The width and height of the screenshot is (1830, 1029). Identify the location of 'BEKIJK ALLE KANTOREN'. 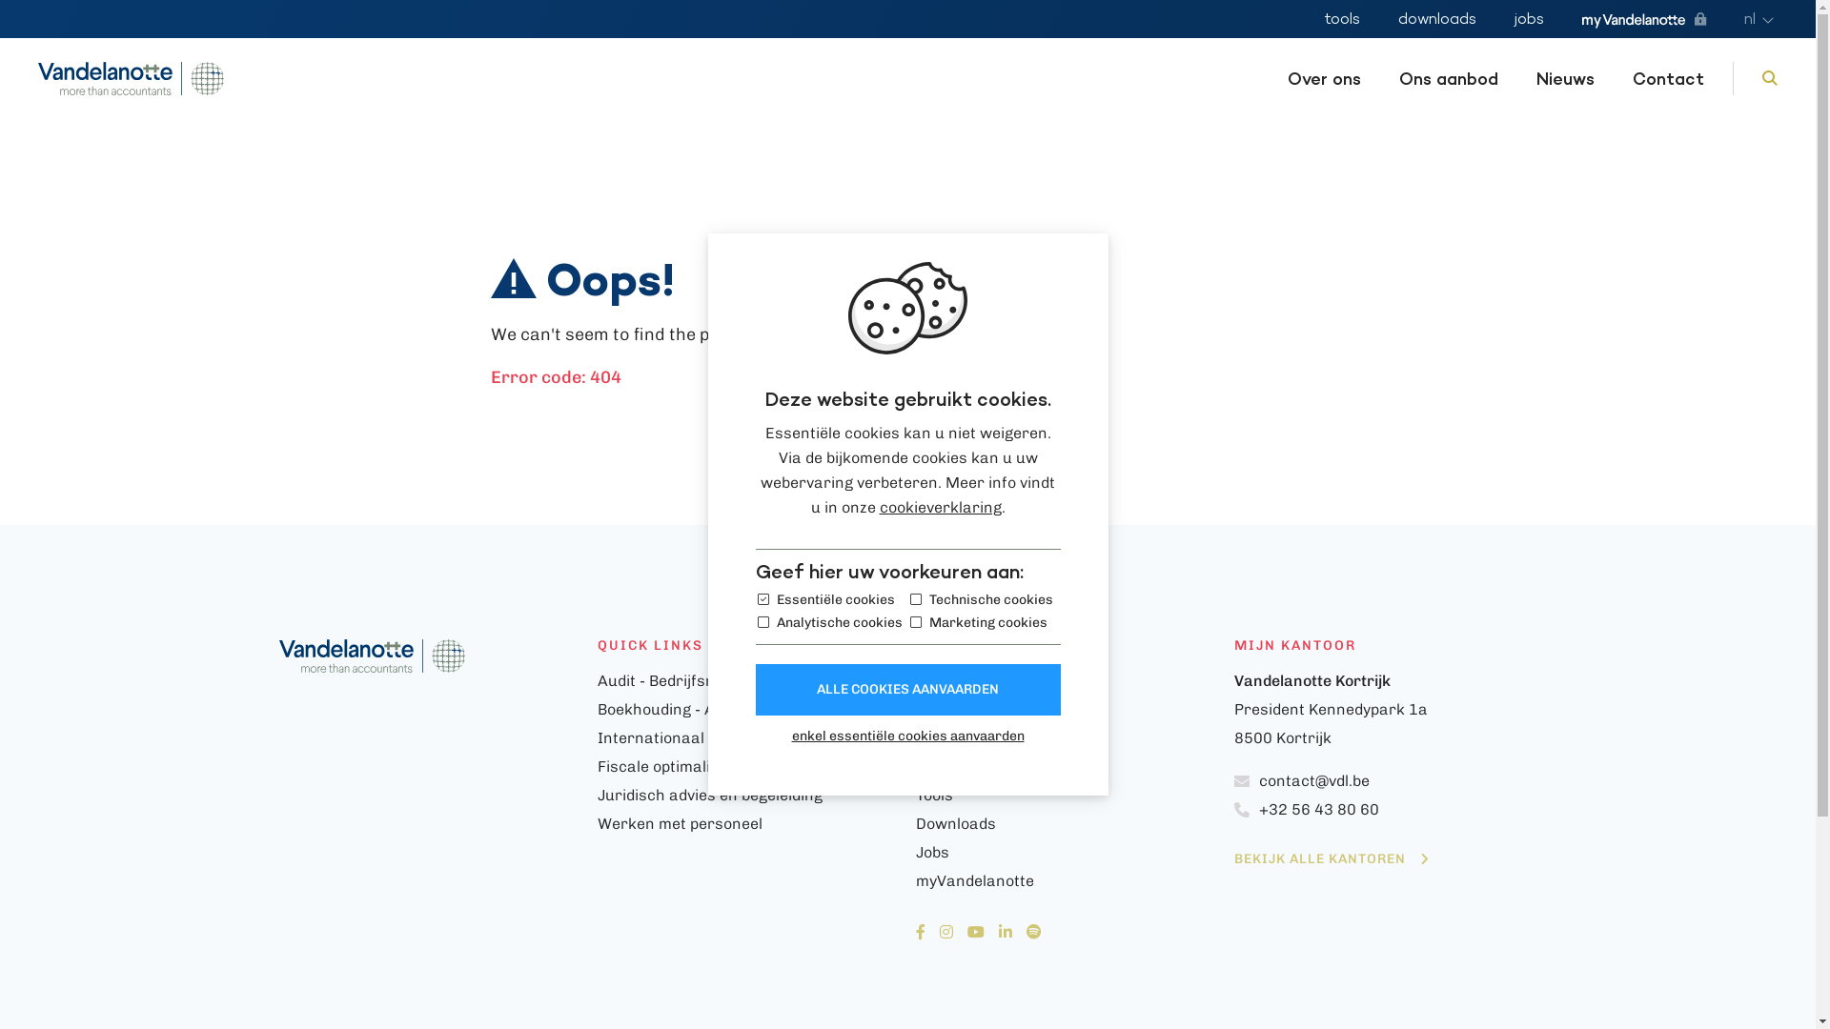
(1330, 859).